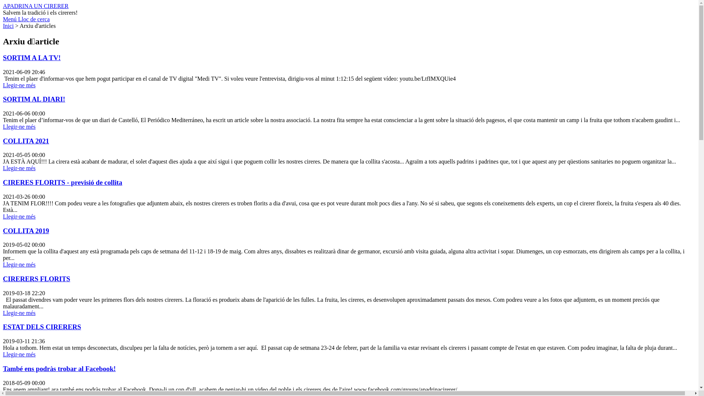 The height and width of the screenshot is (396, 704). Describe the element at coordinates (35, 6) in the screenshot. I see `'APADRINA UN CIRERER'` at that location.